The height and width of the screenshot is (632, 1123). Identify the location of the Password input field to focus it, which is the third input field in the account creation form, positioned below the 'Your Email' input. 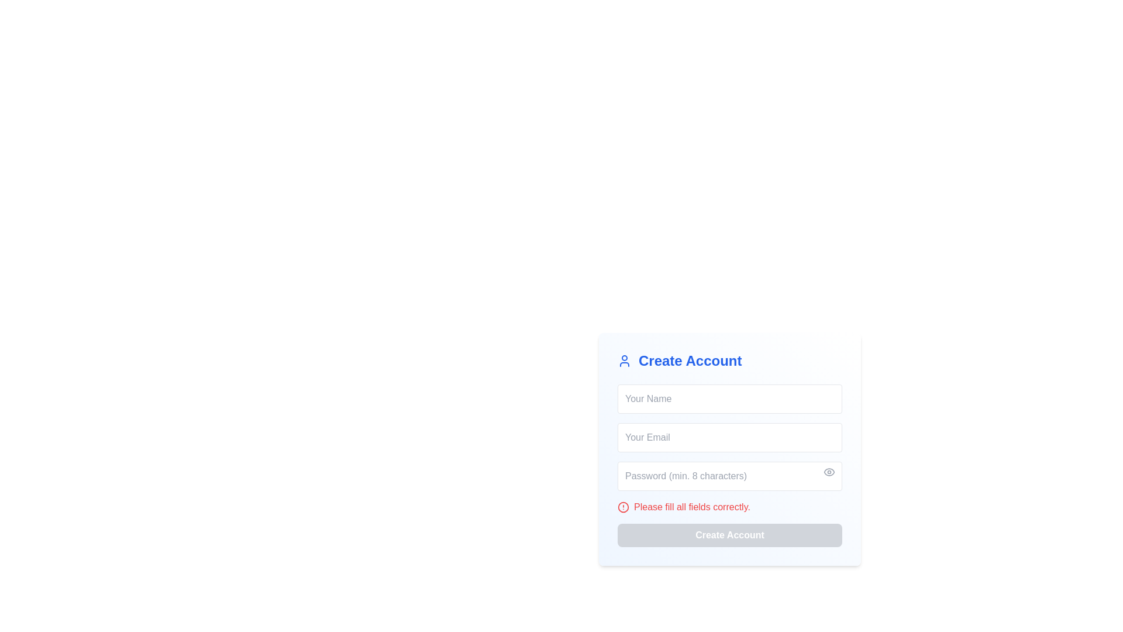
(729, 476).